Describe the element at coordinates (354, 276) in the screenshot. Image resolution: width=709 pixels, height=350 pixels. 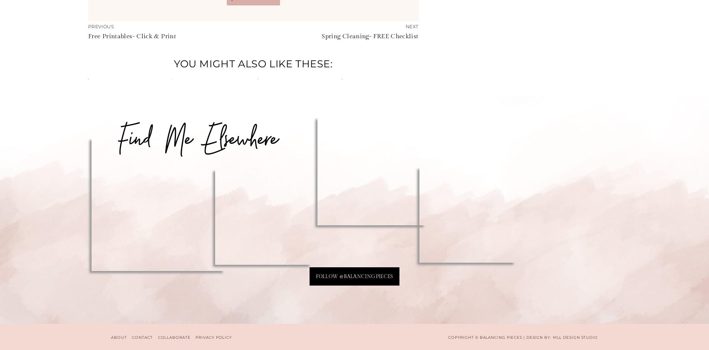
I see `'FOLLOW @BALANCINGPIECES'` at that location.